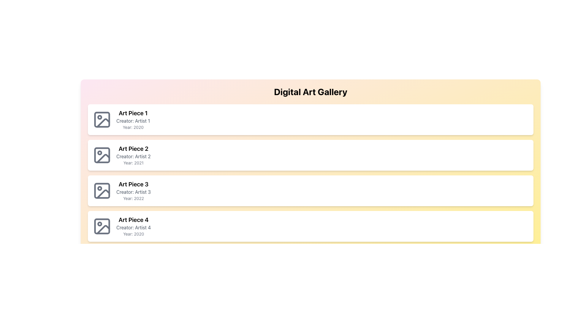 The width and height of the screenshot is (570, 320). What do you see at coordinates (102, 155) in the screenshot?
I see `the visual icon representing the associated art piece for 'Art Piece 2' to interact with it` at bounding box center [102, 155].